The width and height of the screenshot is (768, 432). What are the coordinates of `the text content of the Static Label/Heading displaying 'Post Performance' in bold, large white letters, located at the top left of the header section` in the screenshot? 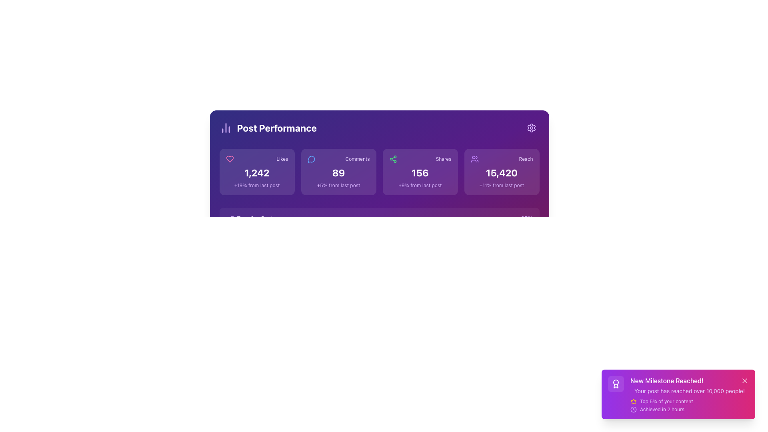 It's located at (379, 128).